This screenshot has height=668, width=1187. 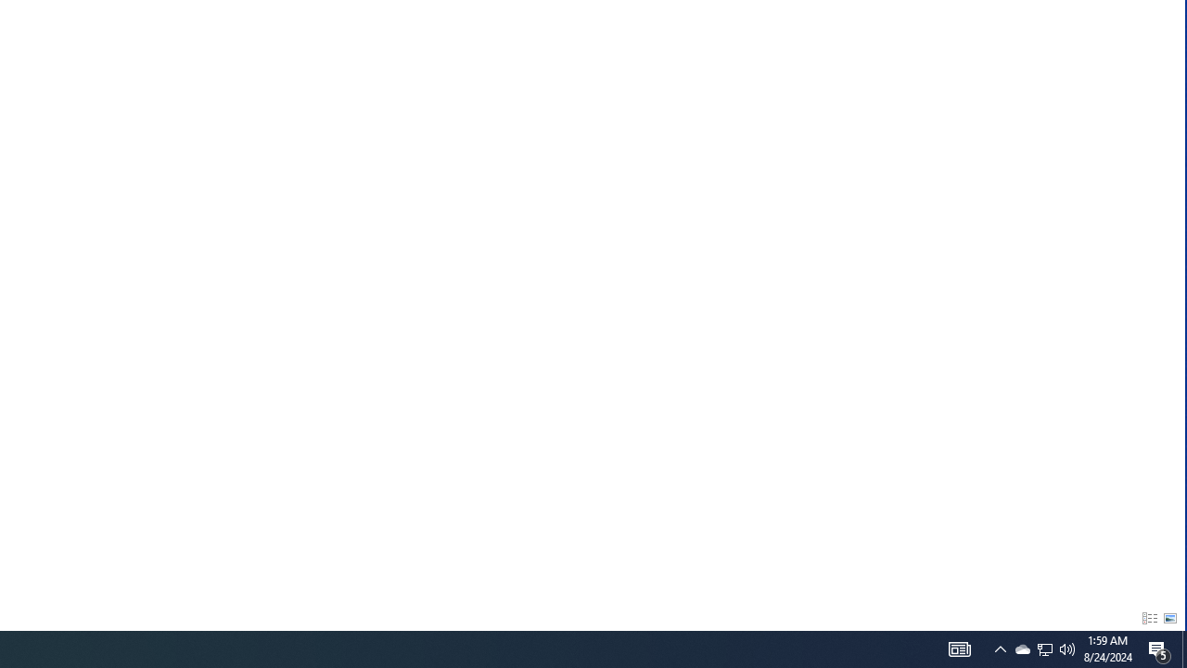 What do you see at coordinates (1169, 619) in the screenshot?
I see `'Large Icons'` at bounding box center [1169, 619].